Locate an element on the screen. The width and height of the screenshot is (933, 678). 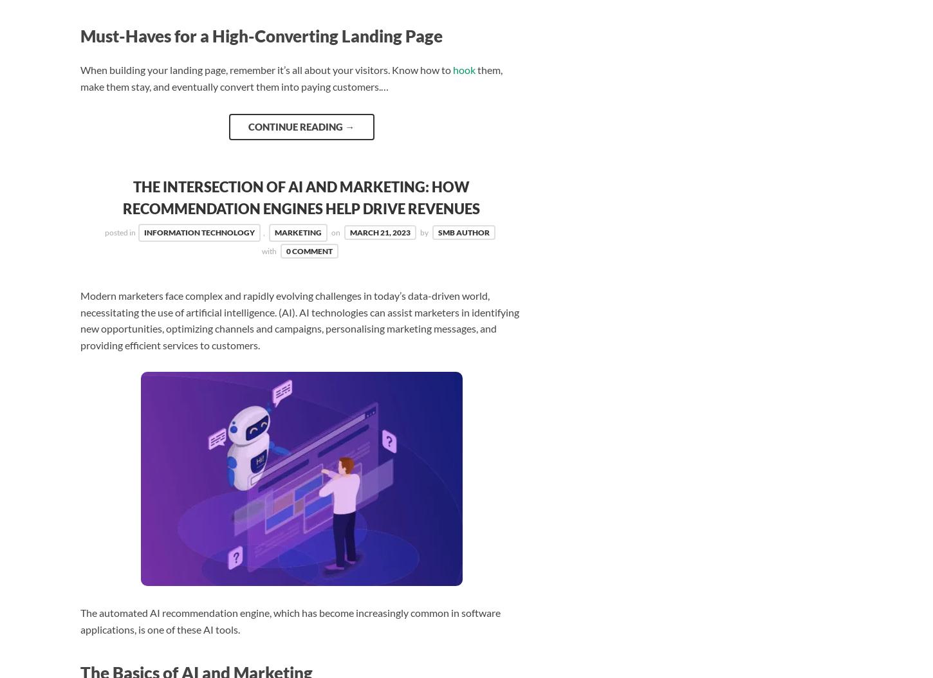
'Modern marketers face complex and rapidly evolving challenges in today’s data-driven world, necessitating the use of artificial intelligence. (AI). AI technologies can assist marketers in identifying new opportunities, optimizing channels and campaigns, personalising marketing messages, and providing efficient services to customers.' is located at coordinates (299, 318).